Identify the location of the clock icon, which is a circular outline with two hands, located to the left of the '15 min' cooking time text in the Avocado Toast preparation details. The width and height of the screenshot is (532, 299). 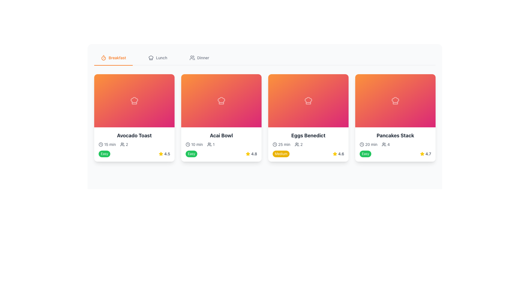
(101, 144).